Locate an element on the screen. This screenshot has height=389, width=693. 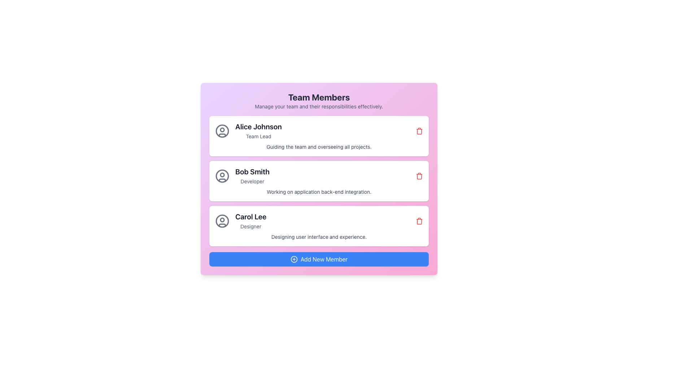
the SVG Icon within the 'Add New Member' button located at the bottom center of the team member list is located at coordinates (294, 259).